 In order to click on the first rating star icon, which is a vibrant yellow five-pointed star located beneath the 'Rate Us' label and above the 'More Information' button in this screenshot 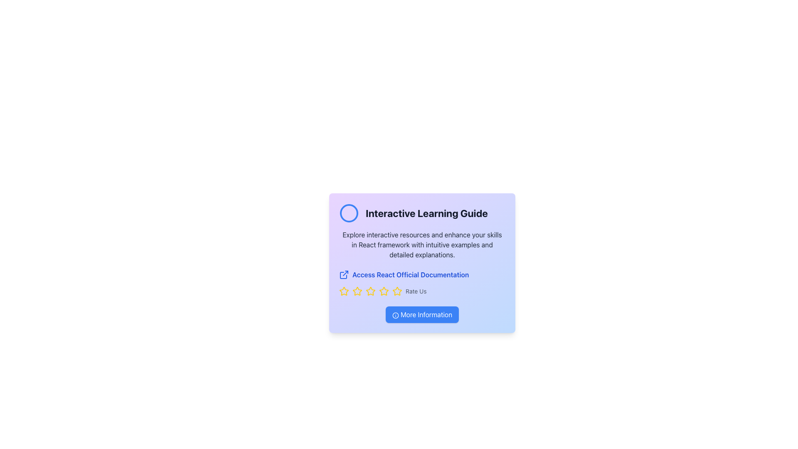, I will do `click(344, 291)`.